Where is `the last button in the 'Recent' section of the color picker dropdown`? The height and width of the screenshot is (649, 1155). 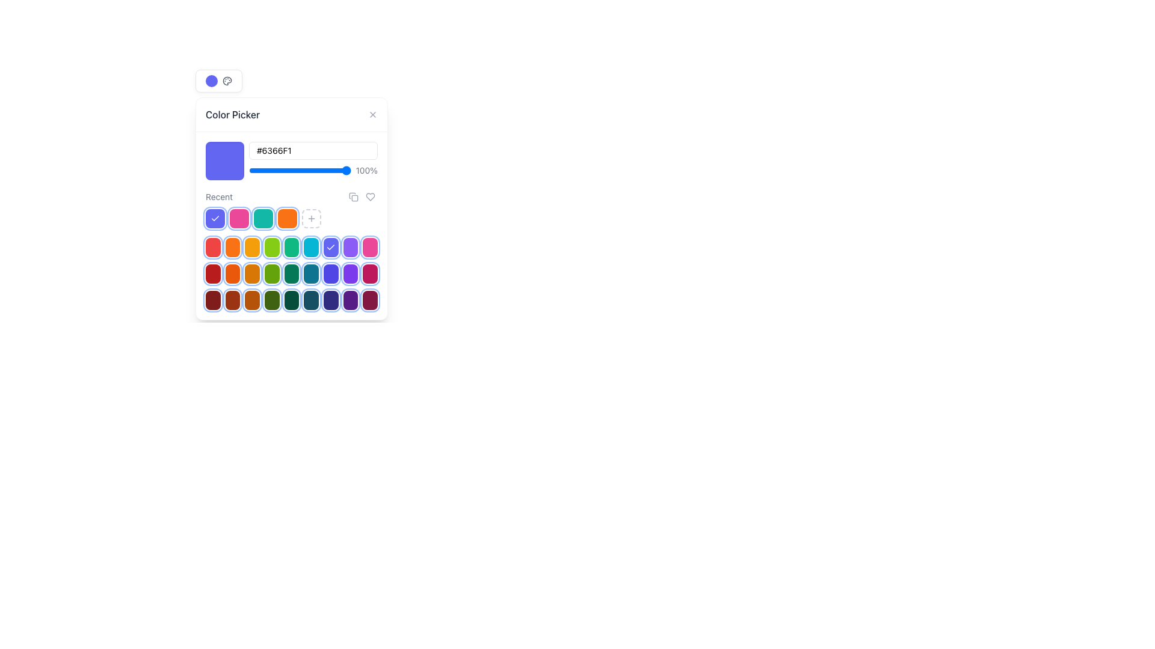
the last button in the 'Recent' section of the color picker dropdown is located at coordinates (312, 218).